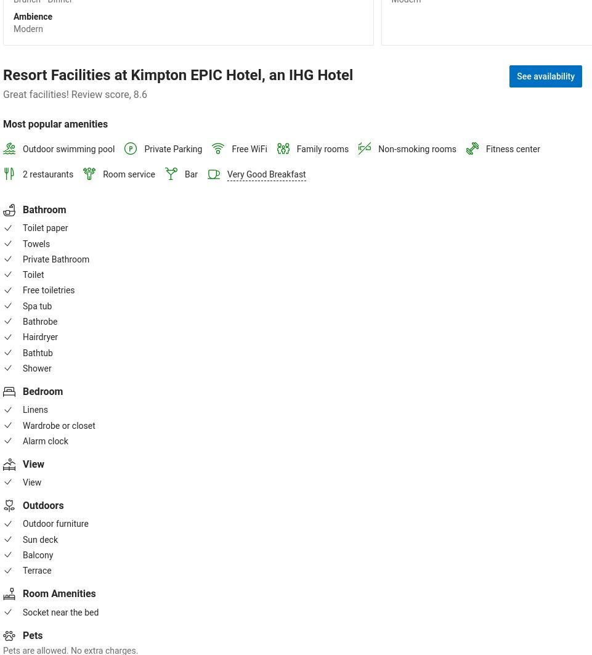 The width and height of the screenshot is (592, 655). I want to click on 'Non-smoking rooms', so click(416, 148).